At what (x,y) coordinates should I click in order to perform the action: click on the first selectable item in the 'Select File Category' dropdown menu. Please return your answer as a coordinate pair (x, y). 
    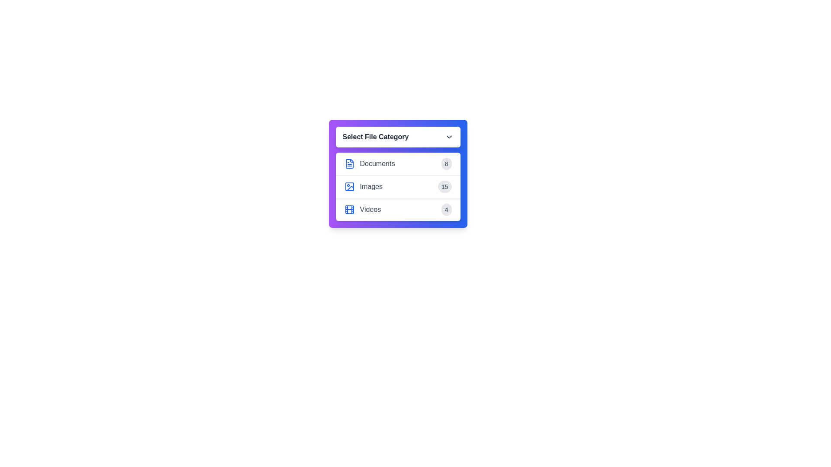
    Looking at the image, I should click on (370, 163).